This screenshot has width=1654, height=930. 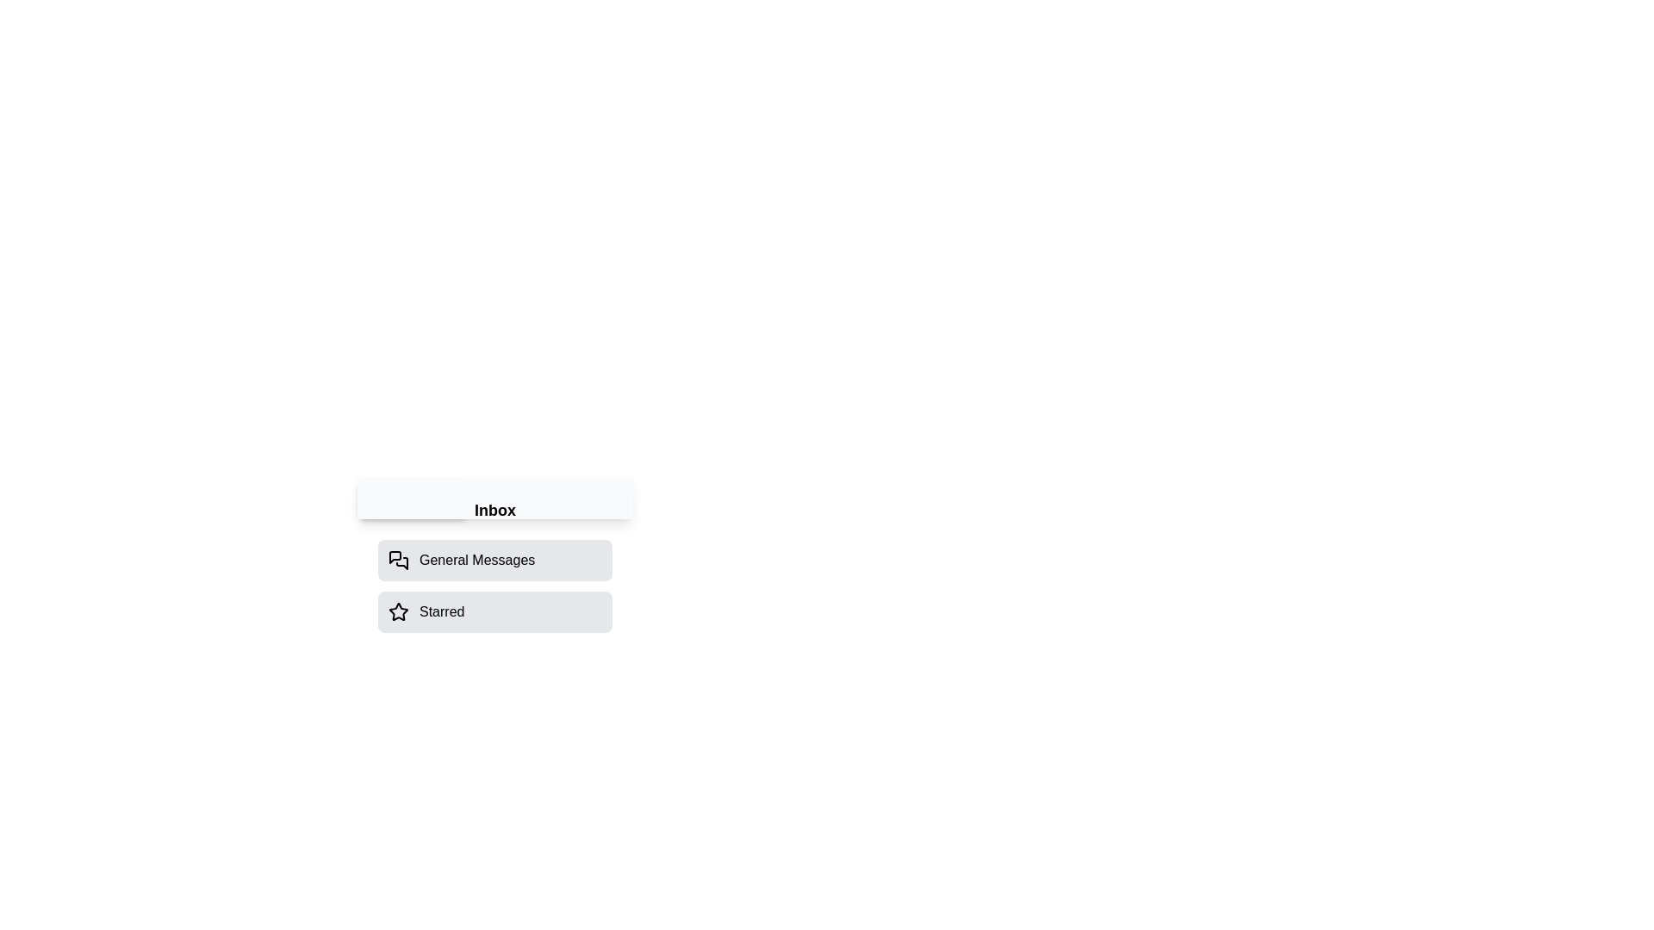 What do you see at coordinates (494, 611) in the screenshot?
I see `the 'Starred' option to select it` at bounding box center [494, 611].